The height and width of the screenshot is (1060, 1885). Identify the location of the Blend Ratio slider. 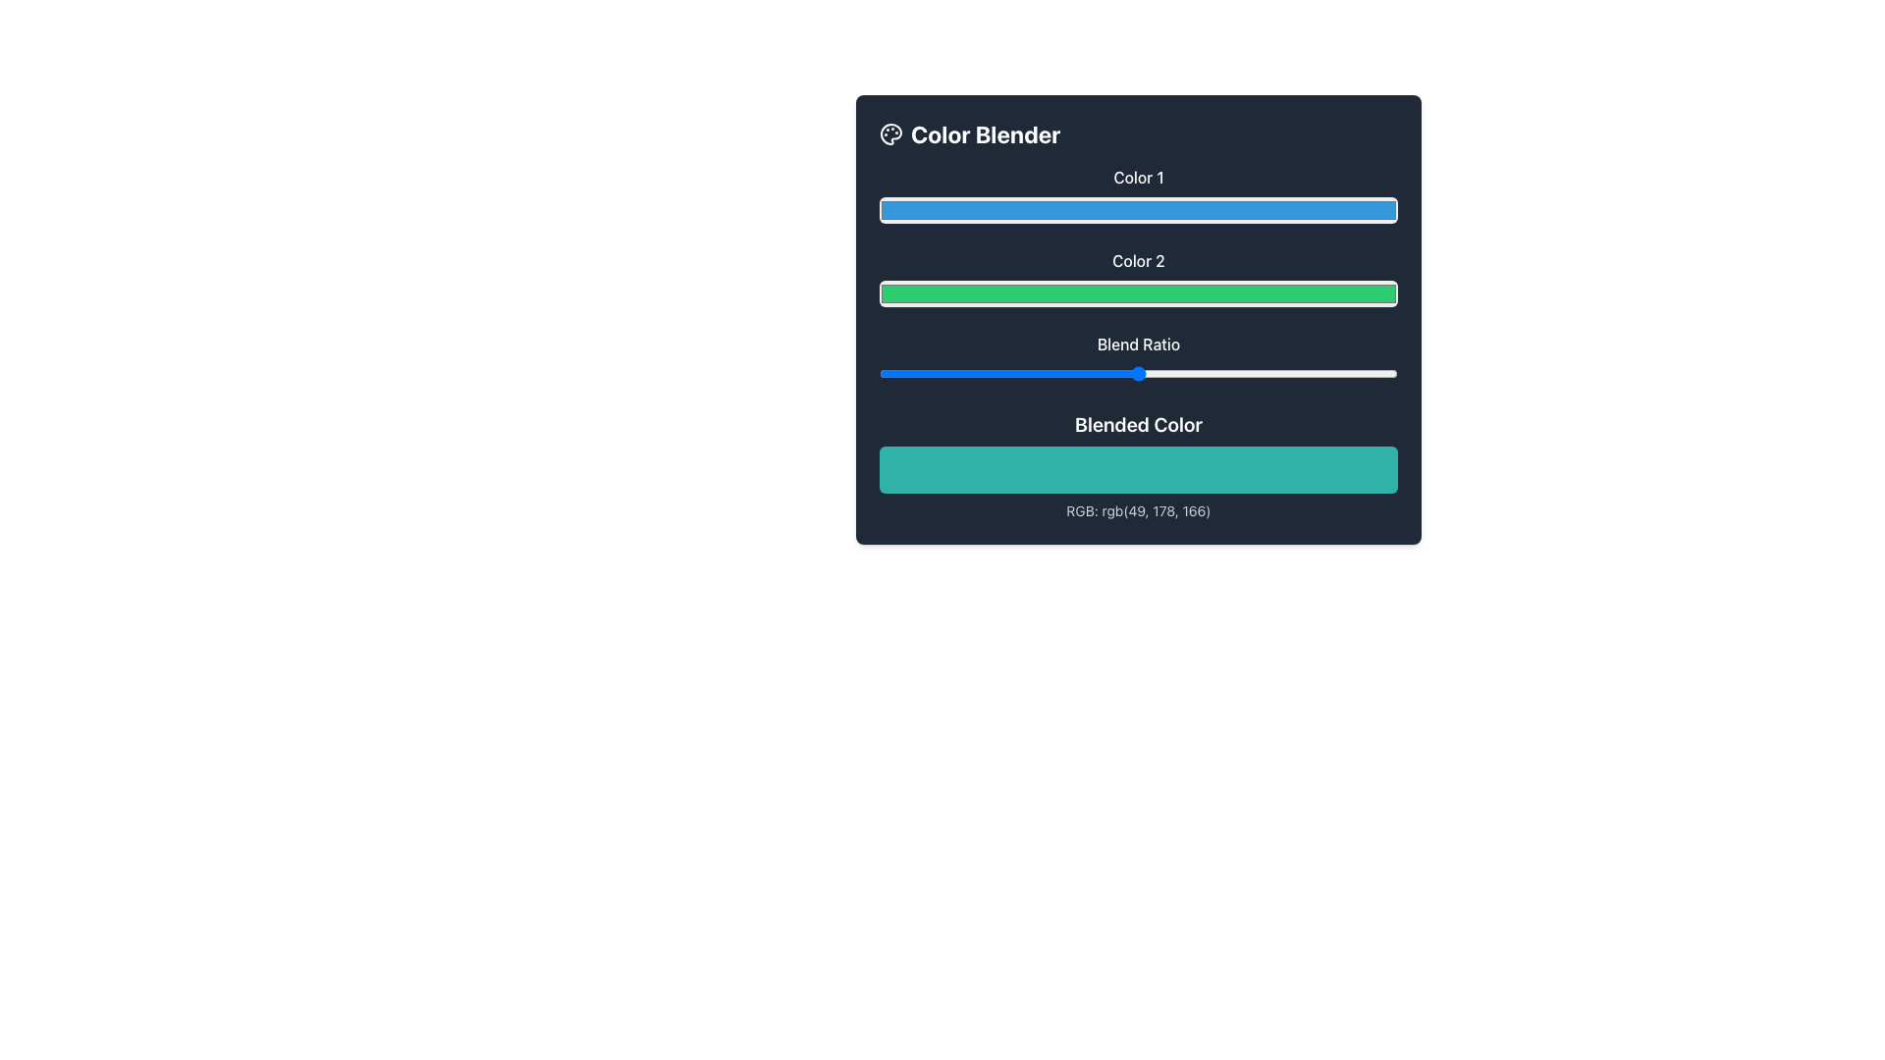
(893, 374).